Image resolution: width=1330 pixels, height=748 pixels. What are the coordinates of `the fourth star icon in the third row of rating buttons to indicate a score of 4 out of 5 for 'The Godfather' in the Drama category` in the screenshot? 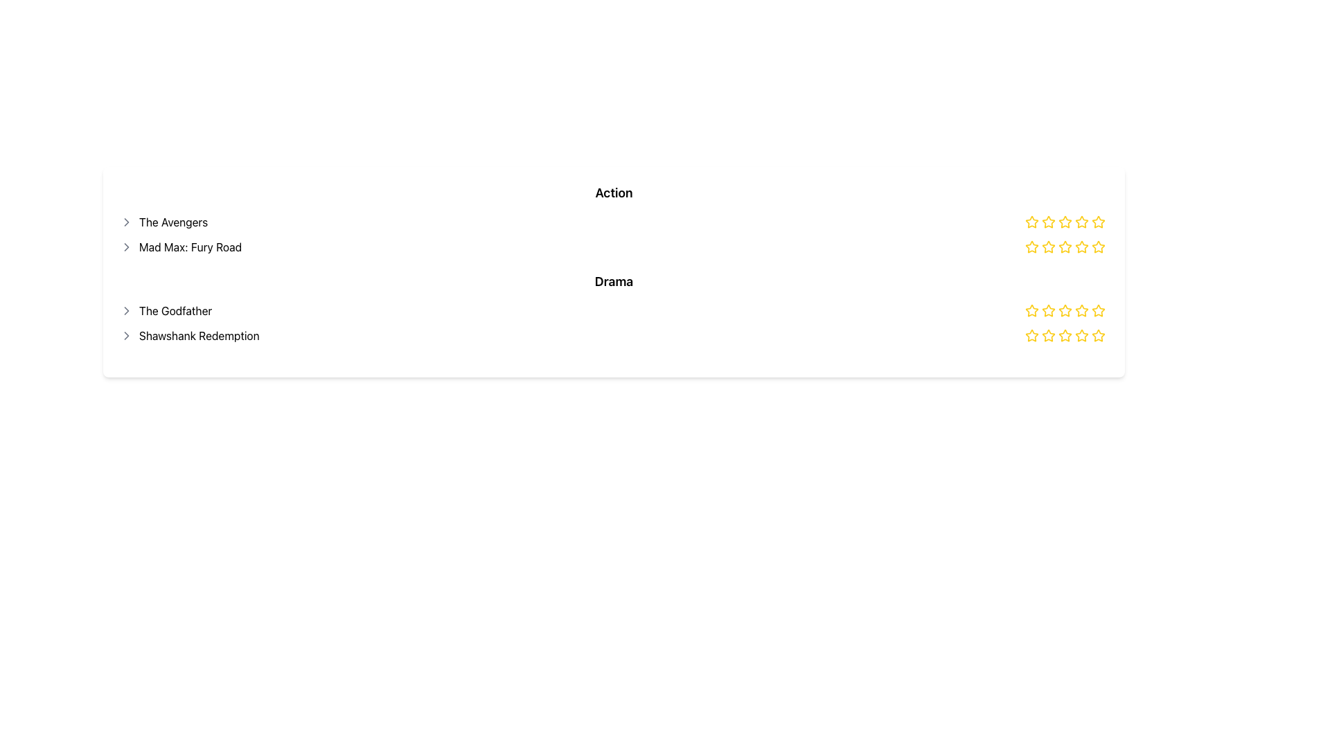 It's located at (1081, 310).